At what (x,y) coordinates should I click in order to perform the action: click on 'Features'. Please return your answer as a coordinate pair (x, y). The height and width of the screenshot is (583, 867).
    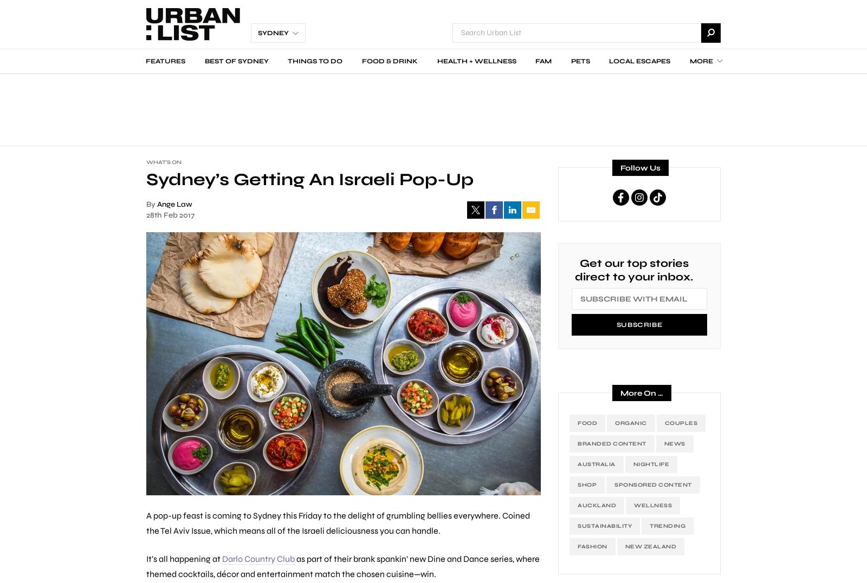
    Looking at the image, I should click on (165, 60).